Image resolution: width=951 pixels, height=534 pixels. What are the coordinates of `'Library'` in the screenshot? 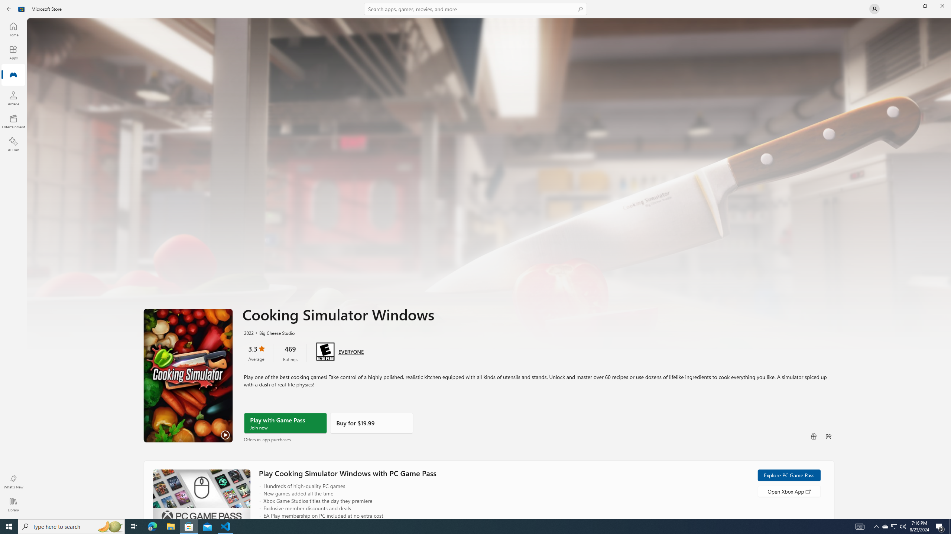 It's located at (13, 504).